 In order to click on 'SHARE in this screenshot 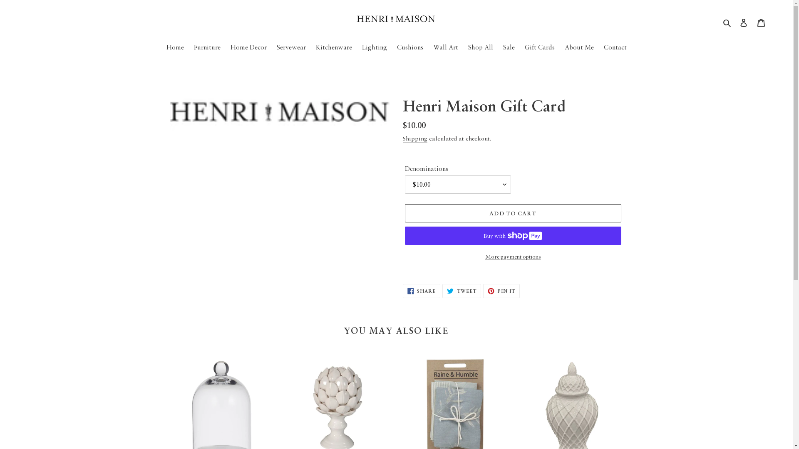, I will do `click(403, 290)`.